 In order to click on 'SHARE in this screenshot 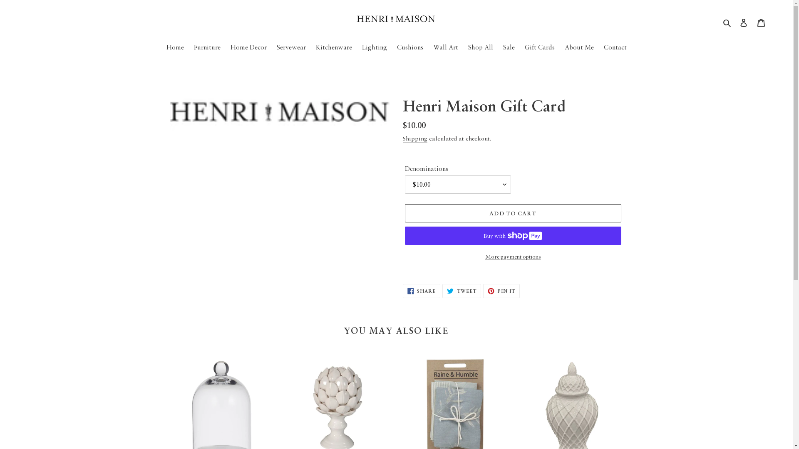, I will do `click(403, 290)`.